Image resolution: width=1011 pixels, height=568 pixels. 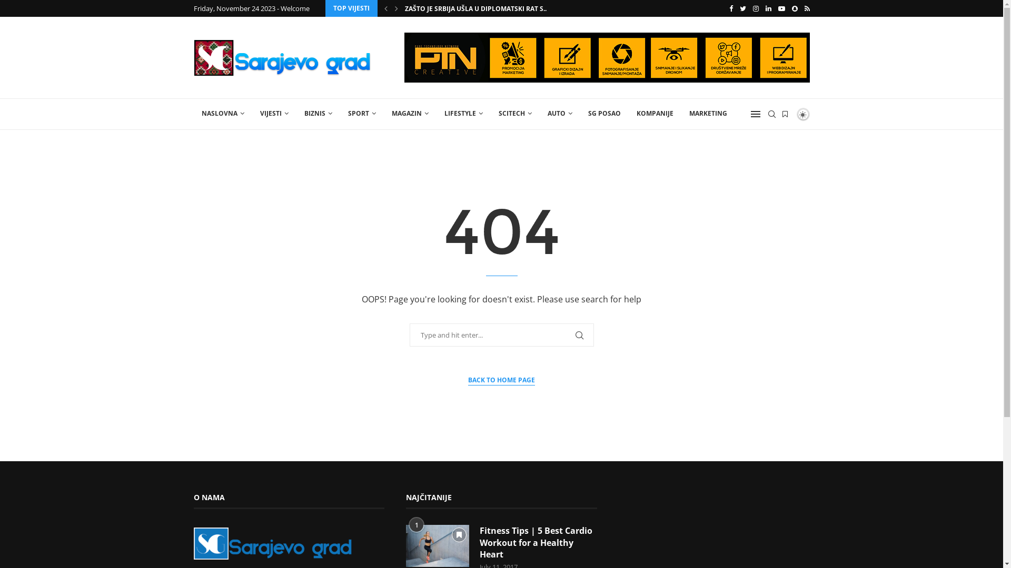 I want to click on 'MARKETING', so click(x=708, y=114).